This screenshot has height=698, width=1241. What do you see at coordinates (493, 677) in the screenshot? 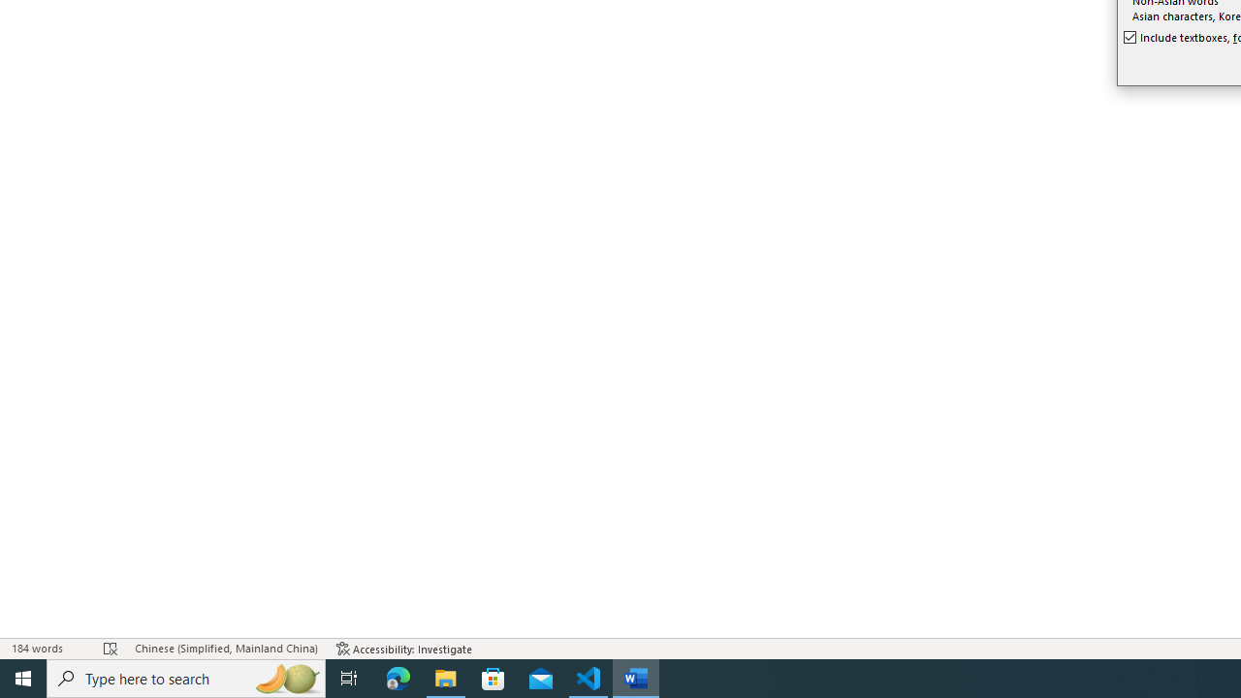
I see `'Microsoft Store'` at bounding box center [493, 677].